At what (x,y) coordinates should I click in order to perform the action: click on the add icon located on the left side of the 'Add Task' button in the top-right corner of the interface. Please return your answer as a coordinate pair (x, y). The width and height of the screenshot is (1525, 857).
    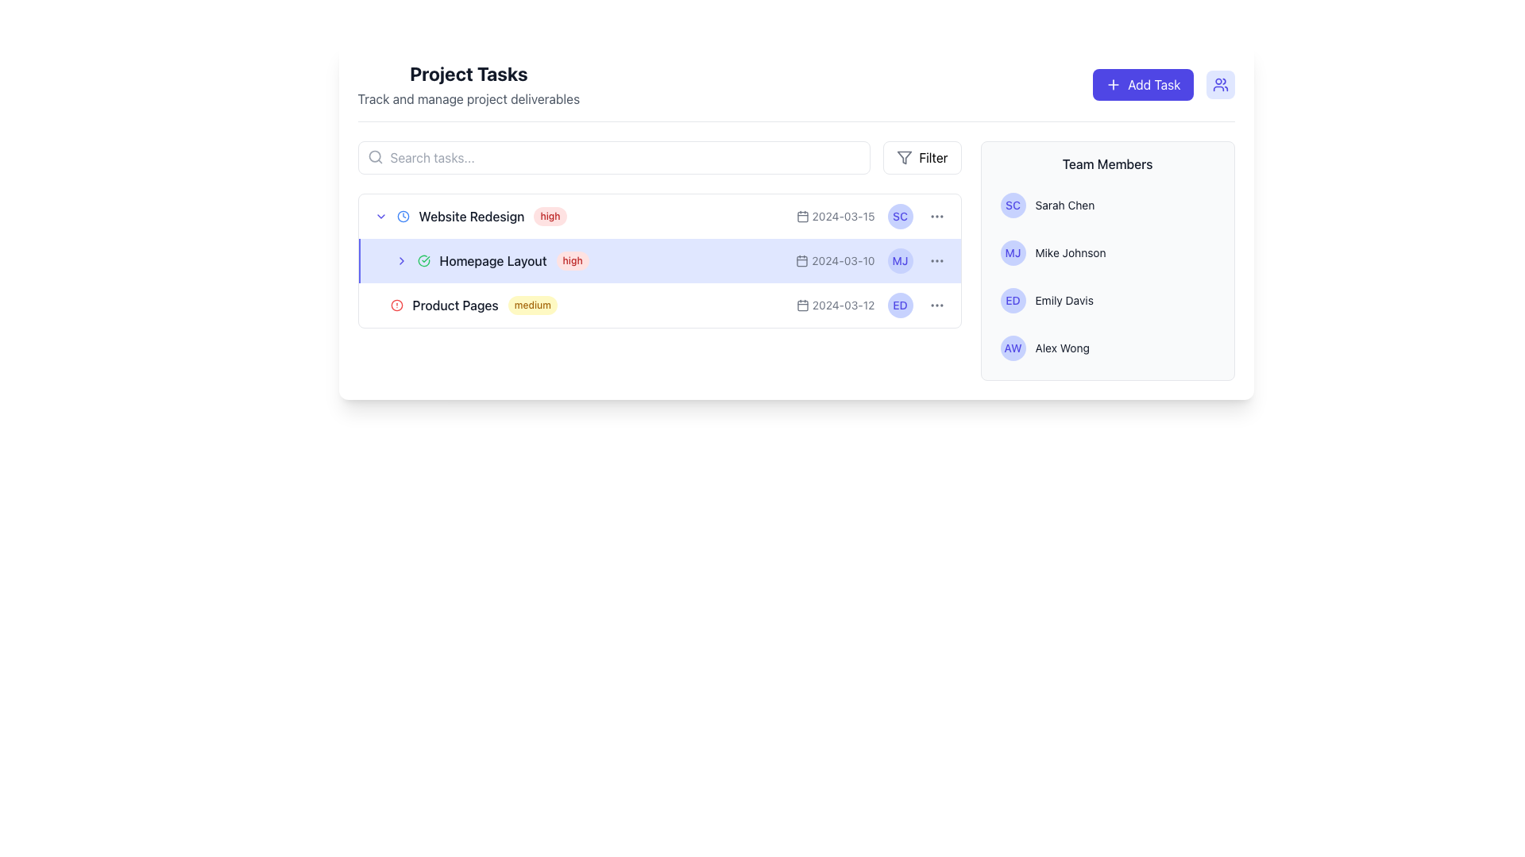
    Looking at the image, I should click on (1113, 85).